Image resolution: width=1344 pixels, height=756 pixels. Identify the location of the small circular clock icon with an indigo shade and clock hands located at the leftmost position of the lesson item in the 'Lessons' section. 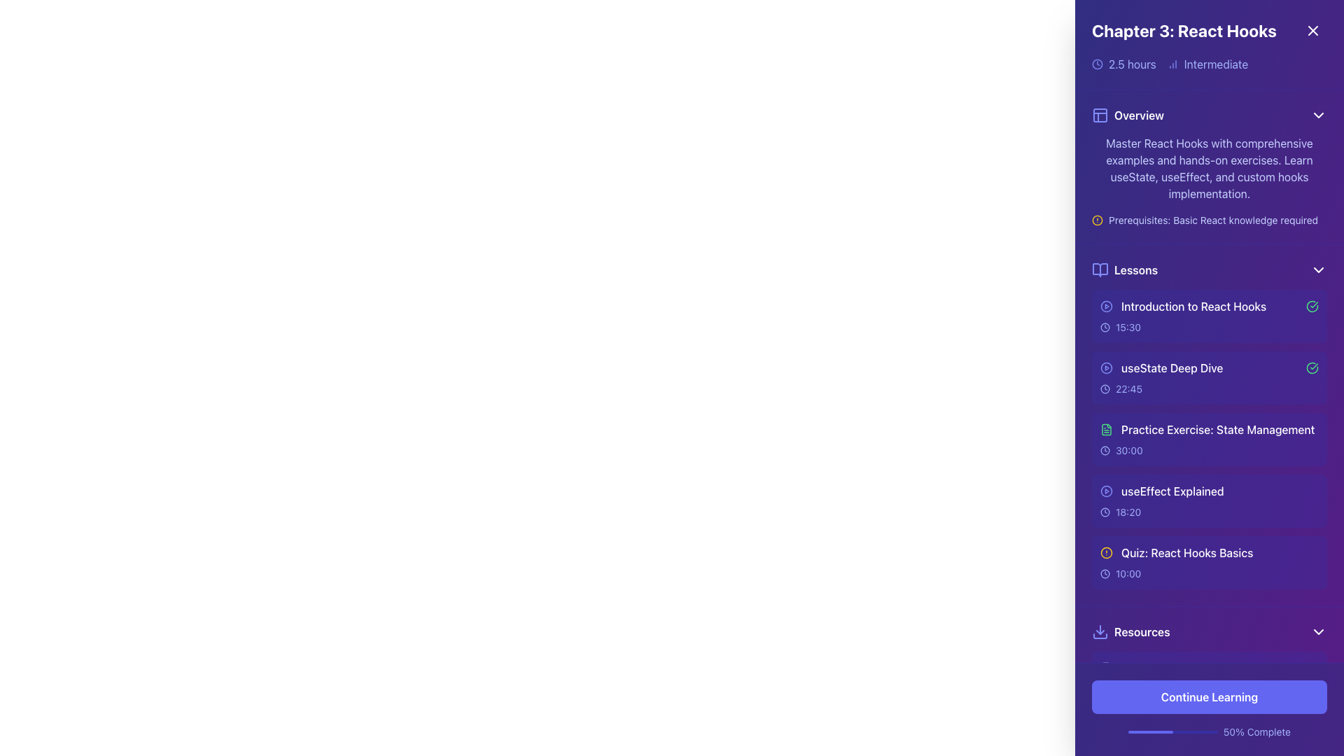
(1105, 388).